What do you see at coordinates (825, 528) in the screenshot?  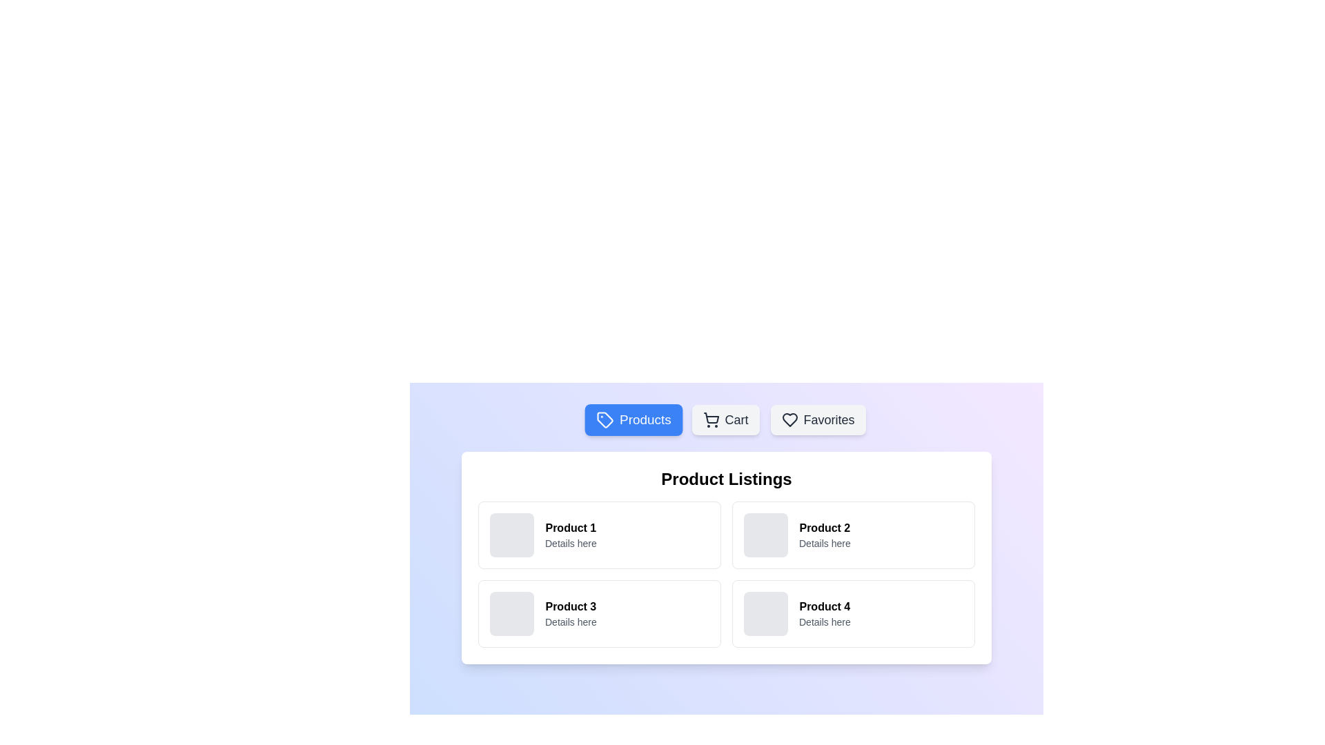 I see `the title text label of the product card located in the second column of the first row in the 'Product Listings' grid, which is positioned above 'Details here'` at bounding box center [825, 528].